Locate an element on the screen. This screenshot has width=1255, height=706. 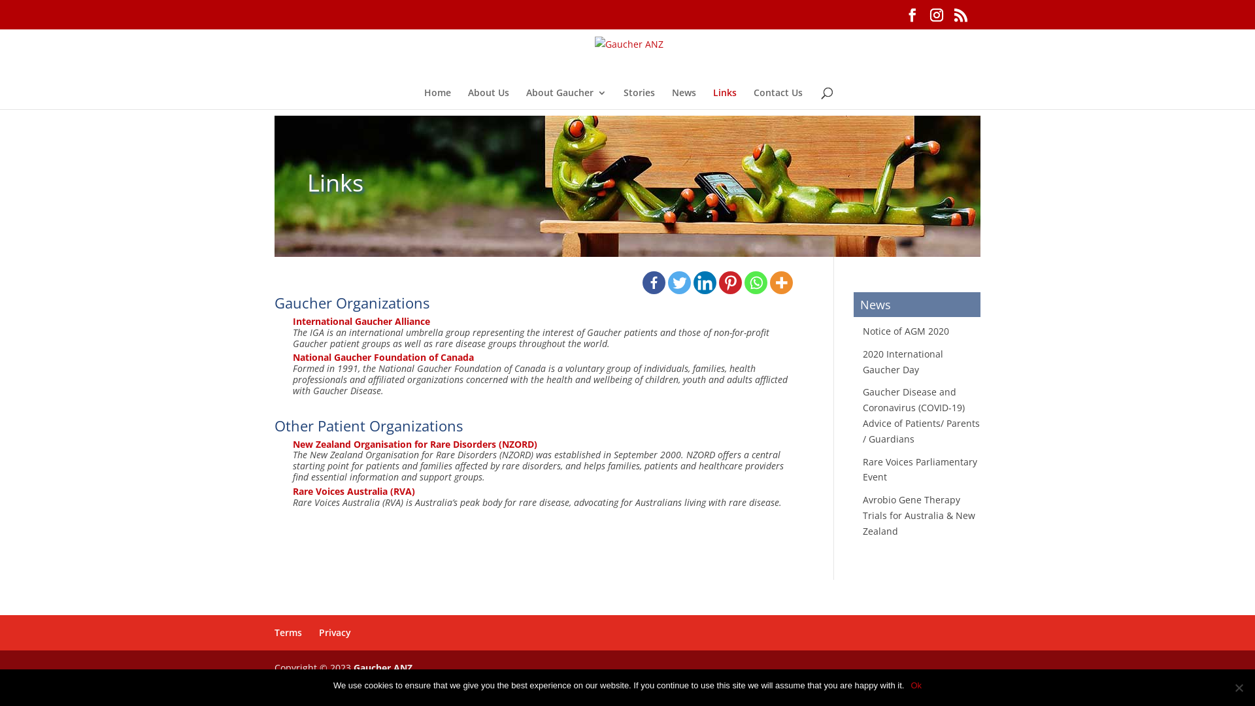
'About Us' is located at coordinates (488, 97).